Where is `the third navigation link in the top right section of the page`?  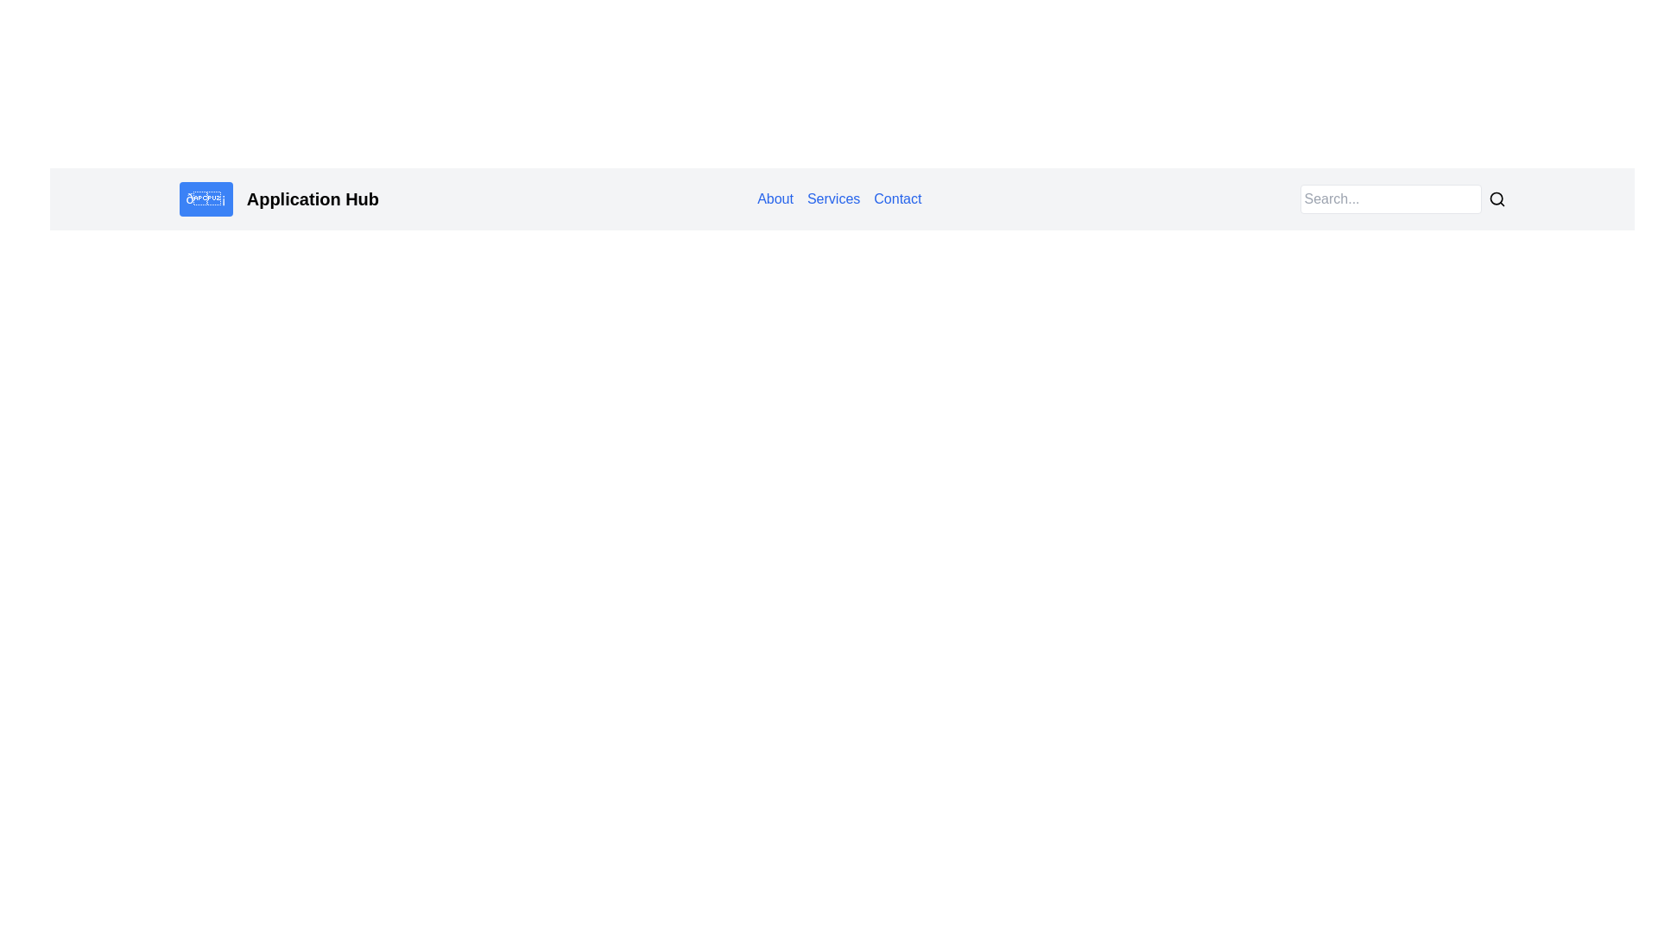
the third navigation link in the top right section of the page is located at coordinates (897, 198).